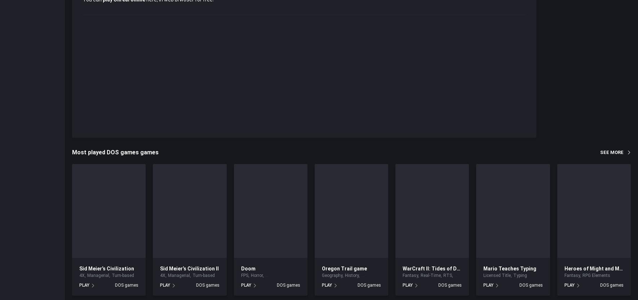  Describe the element at coordinates (344, 268) in the screenshot. I see `'Oregon Trail game'` at that location.